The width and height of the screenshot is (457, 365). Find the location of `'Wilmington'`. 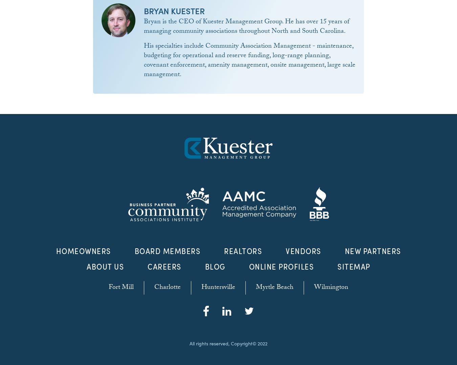

'Wilmington' is located at coordinates (331, 288).